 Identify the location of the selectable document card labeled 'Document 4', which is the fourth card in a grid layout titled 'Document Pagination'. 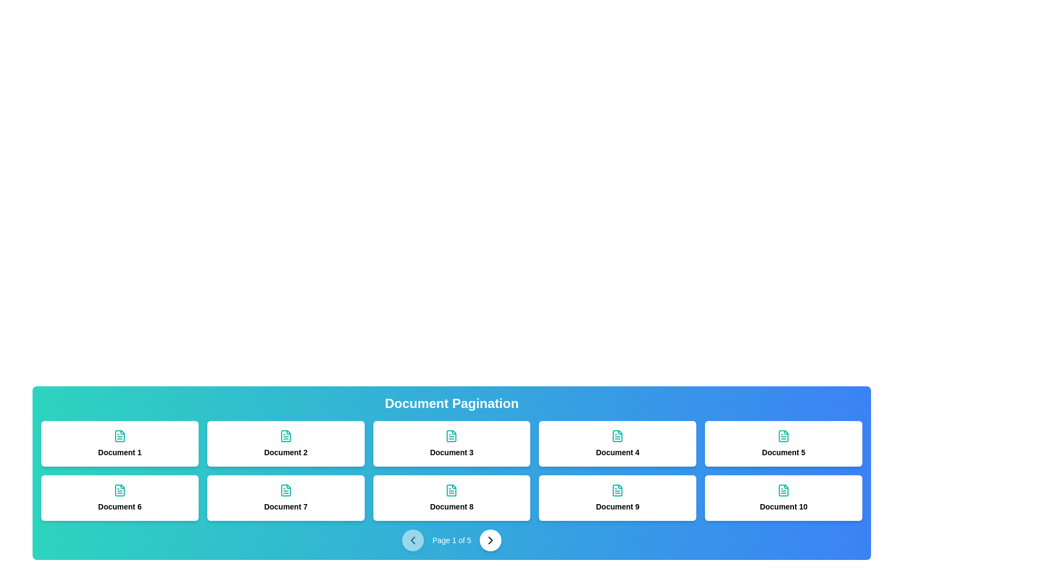
(617, 443).